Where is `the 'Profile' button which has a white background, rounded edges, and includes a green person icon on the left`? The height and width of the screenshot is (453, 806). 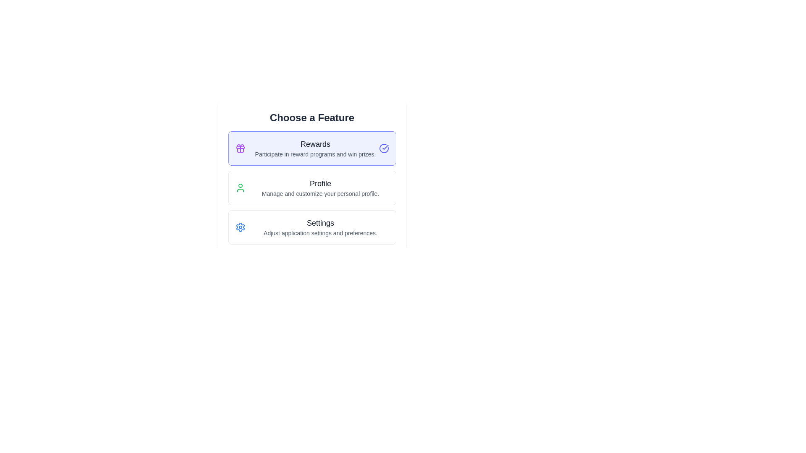 the 'Profile' button which has a white background, rounded edges, and includes a green person icon on the left is located at coordinates (311, 177).